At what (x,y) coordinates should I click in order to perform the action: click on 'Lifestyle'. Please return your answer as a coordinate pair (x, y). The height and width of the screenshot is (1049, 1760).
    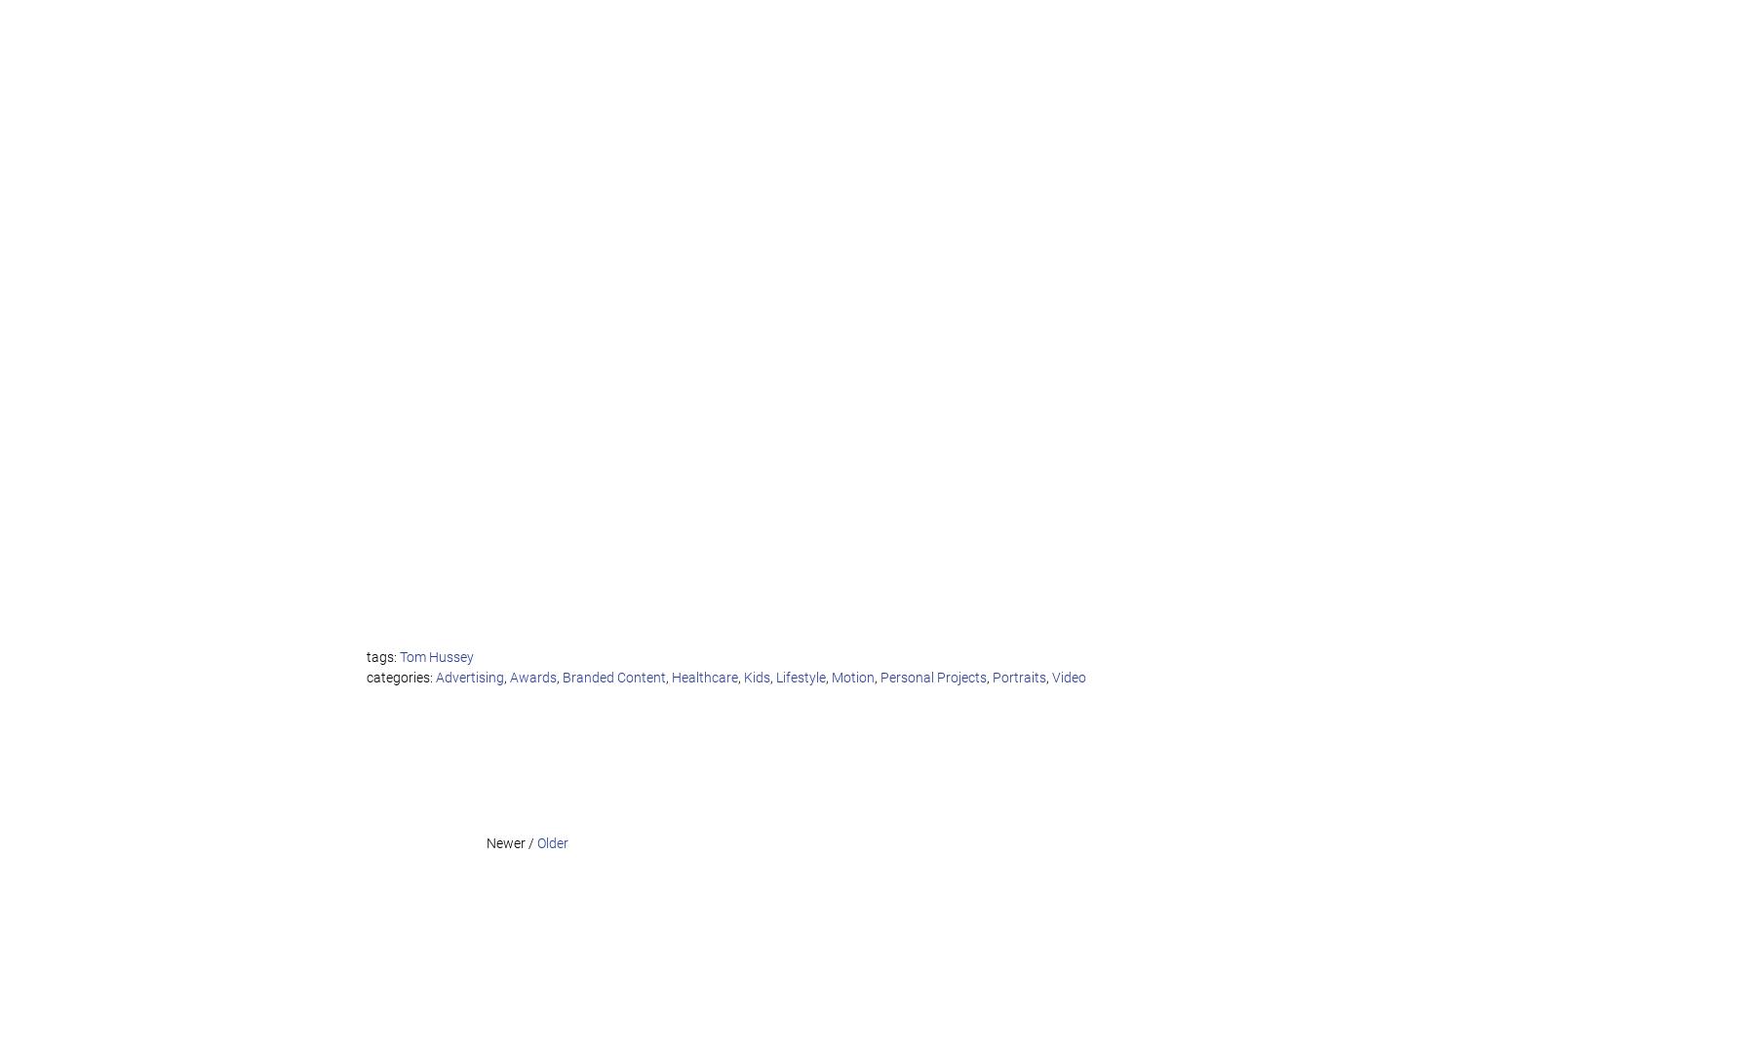
    Looking at the image, I should click on (801, 677).